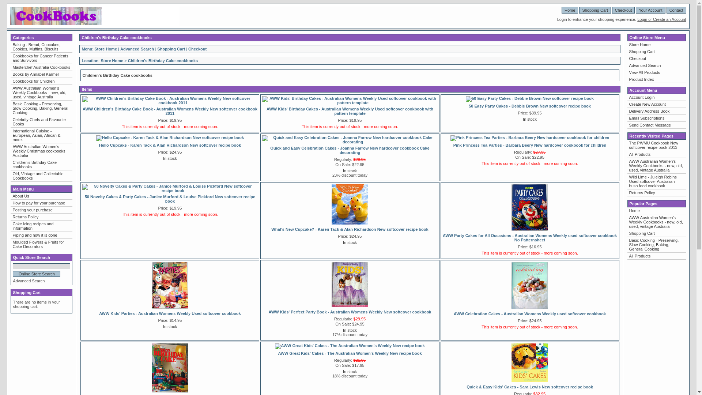  Describe the element at coordinates (100, 60) in the screenshot. I see `'Store Home'` at that location.